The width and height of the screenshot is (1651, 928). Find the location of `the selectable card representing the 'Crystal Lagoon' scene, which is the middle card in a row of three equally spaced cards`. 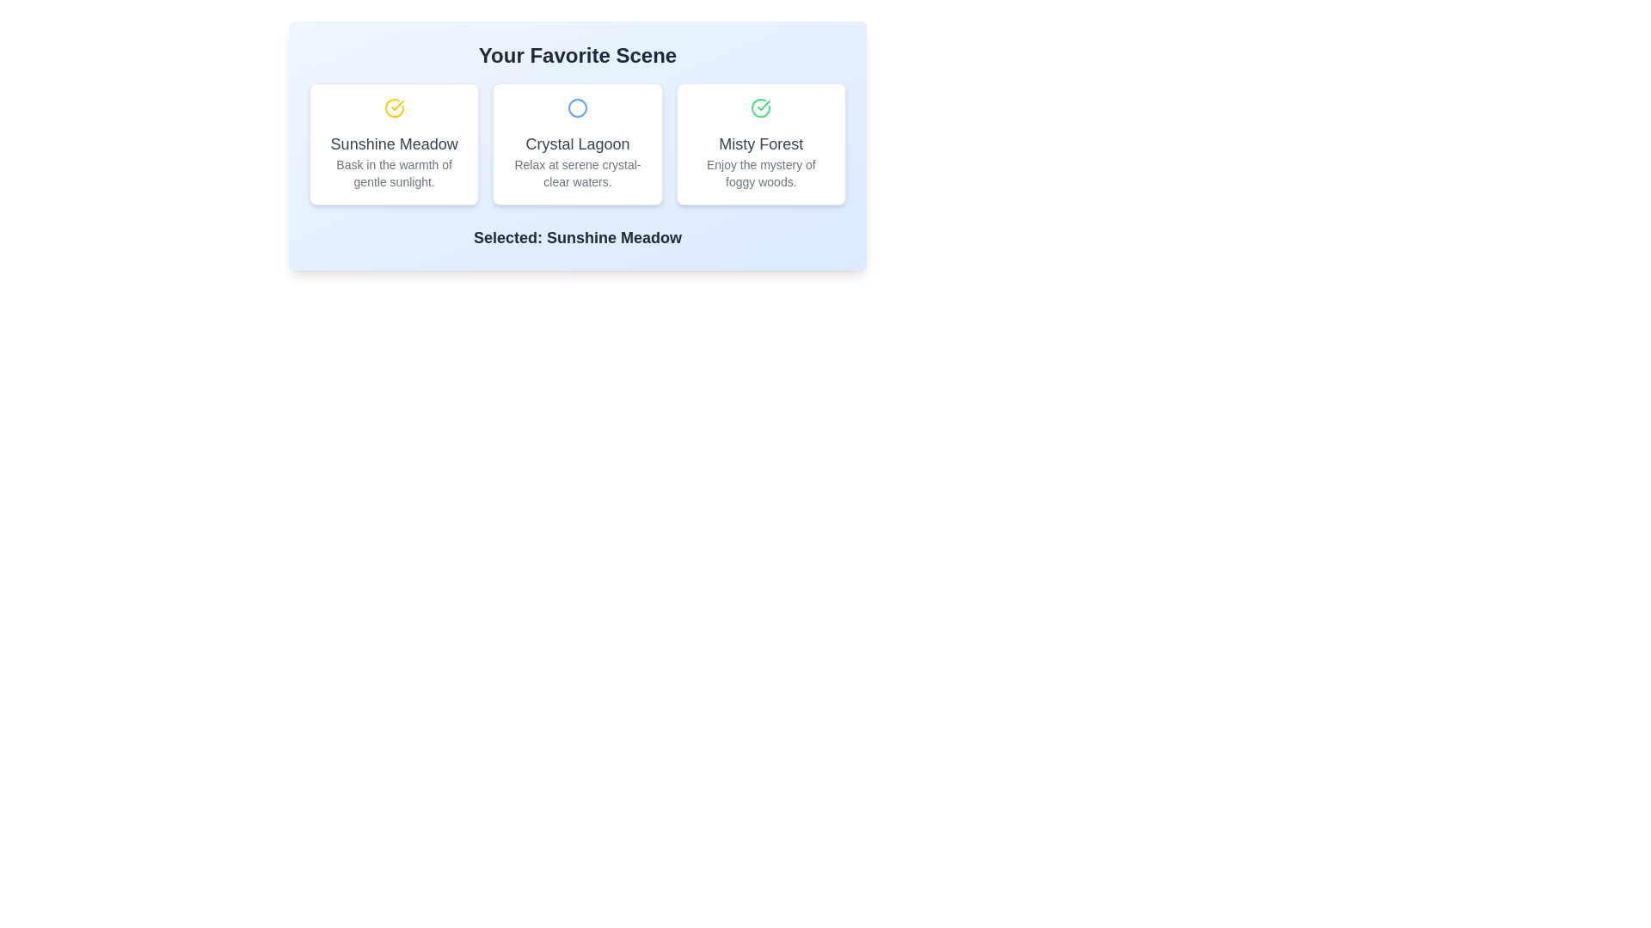

the selectable card representing the 'Crystal Lagoon' scene, which is the middle card in a row of three equally spaced cards is located at coordinates (578, 143).